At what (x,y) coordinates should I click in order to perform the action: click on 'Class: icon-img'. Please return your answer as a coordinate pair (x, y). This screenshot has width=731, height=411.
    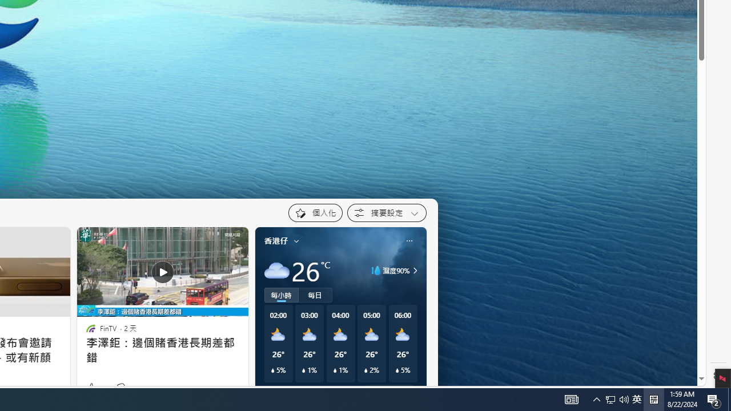
    Looking at the image, I should click on (409, 240).